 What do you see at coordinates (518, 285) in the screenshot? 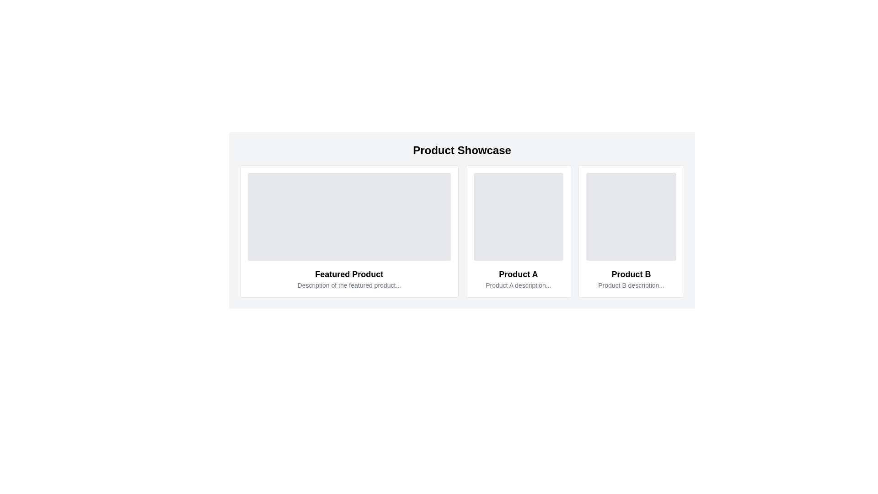
I see `the descriptive text labeled 'Product A description...' which is styled with a small-sized font and light gray color, located beneath the title 'Product A'` at bounding box center [518, 285].